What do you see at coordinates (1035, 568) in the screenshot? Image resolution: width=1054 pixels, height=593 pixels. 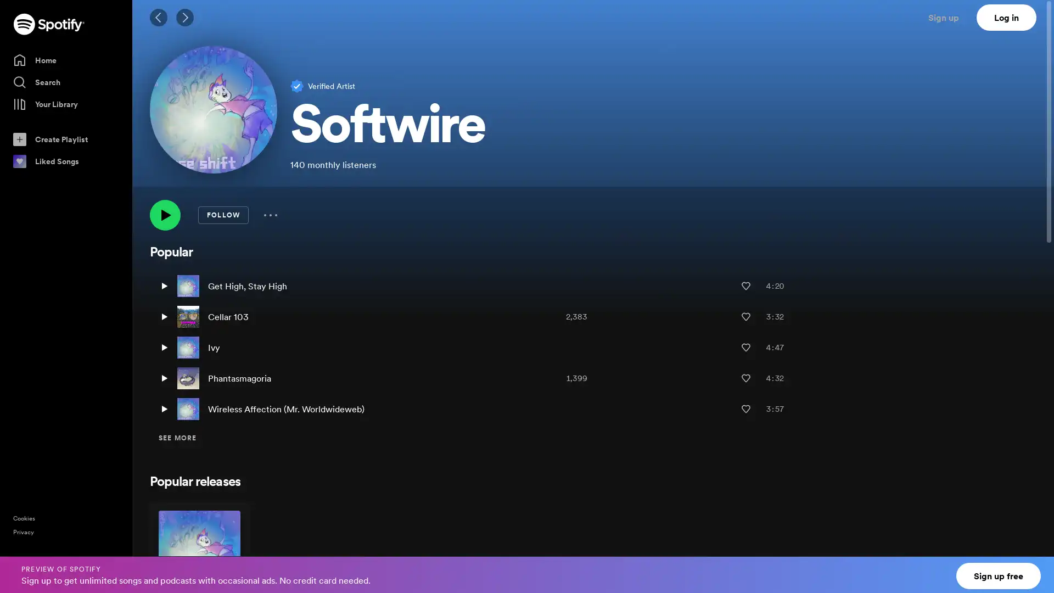 I see `Close` at bounding box center [1035, 568].